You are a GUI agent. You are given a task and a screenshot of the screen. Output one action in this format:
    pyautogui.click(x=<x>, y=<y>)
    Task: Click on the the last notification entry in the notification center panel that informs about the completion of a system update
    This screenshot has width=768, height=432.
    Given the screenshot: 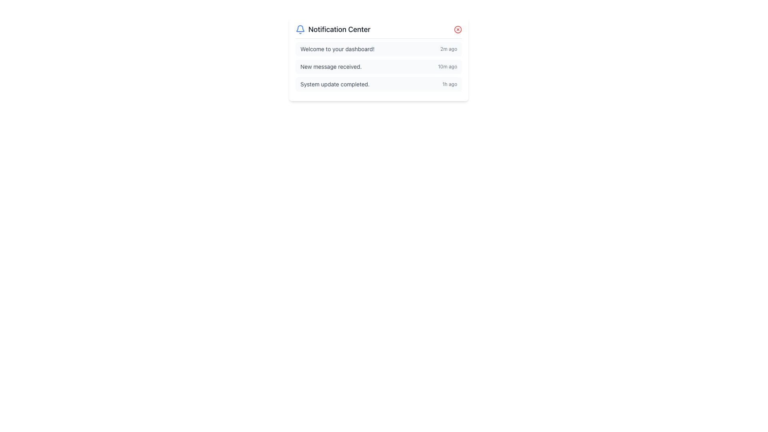 What is the action you would take?
    pyautogui.click(x=378, y=84)
    